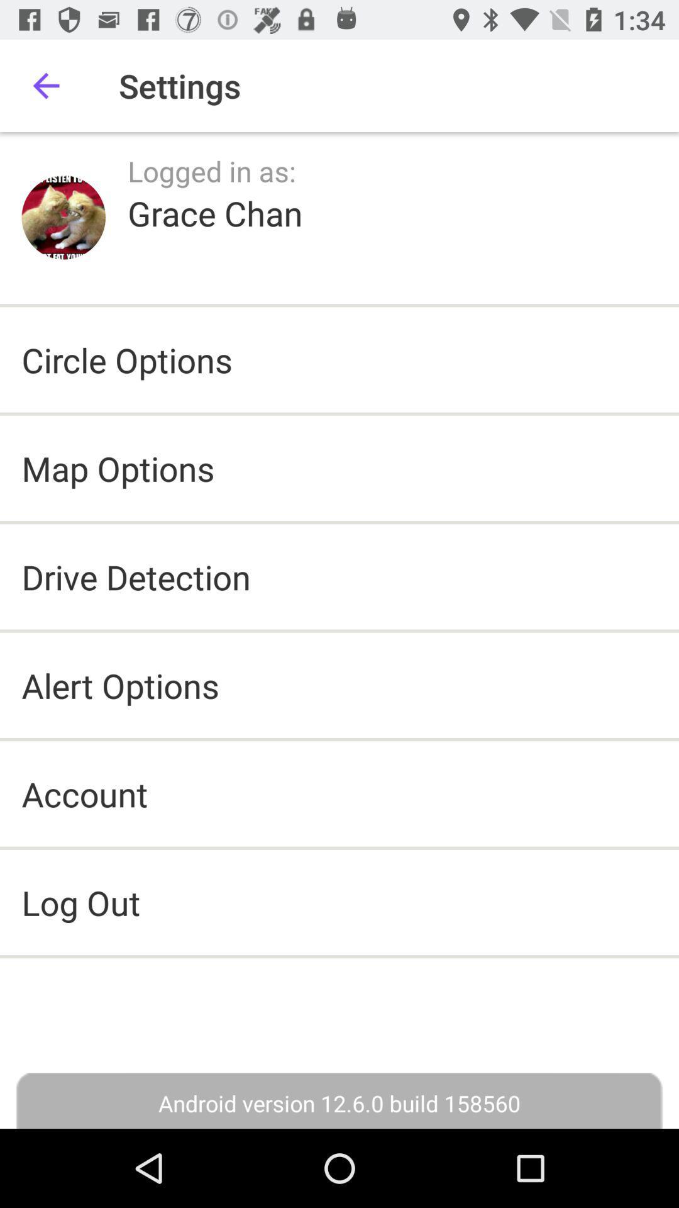 The image size is (679, 1208). What do you see at coordinates (85, 793) in the screenshot?
I see `account icon` at bounding box center [85, 793].